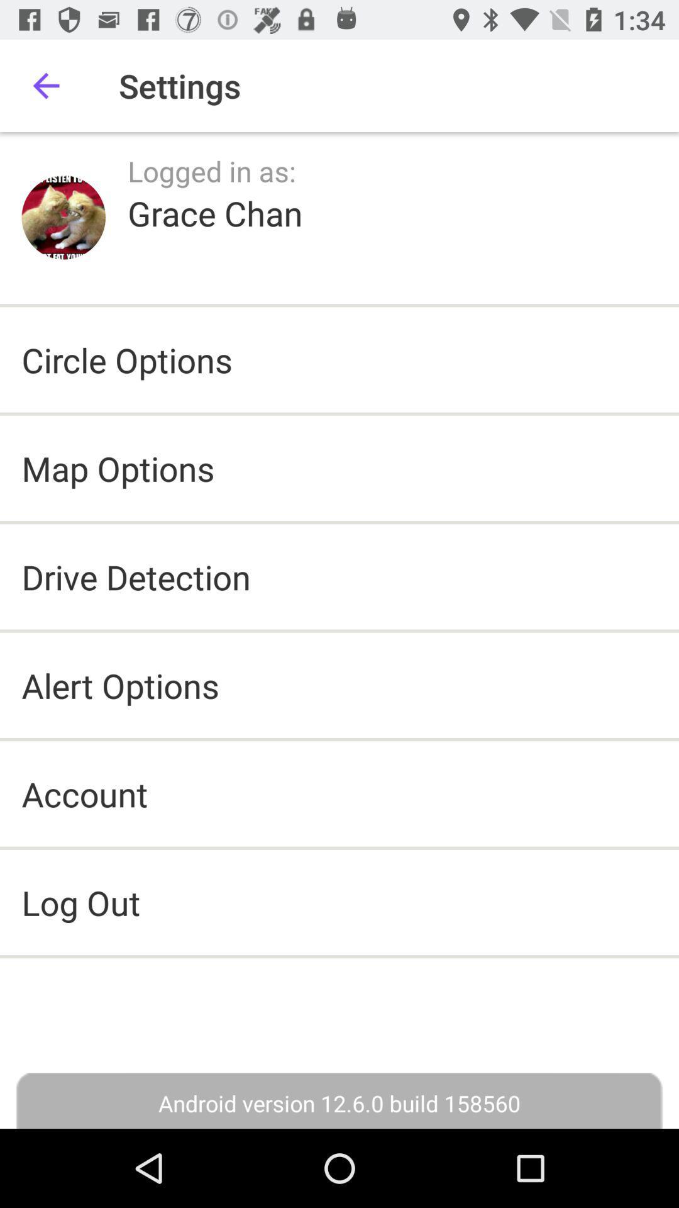 The image size is (679, 1208). What do you see at coordinates (85, 793) in the screenshot?
I see `account icon` at bounding box center [85, 793].